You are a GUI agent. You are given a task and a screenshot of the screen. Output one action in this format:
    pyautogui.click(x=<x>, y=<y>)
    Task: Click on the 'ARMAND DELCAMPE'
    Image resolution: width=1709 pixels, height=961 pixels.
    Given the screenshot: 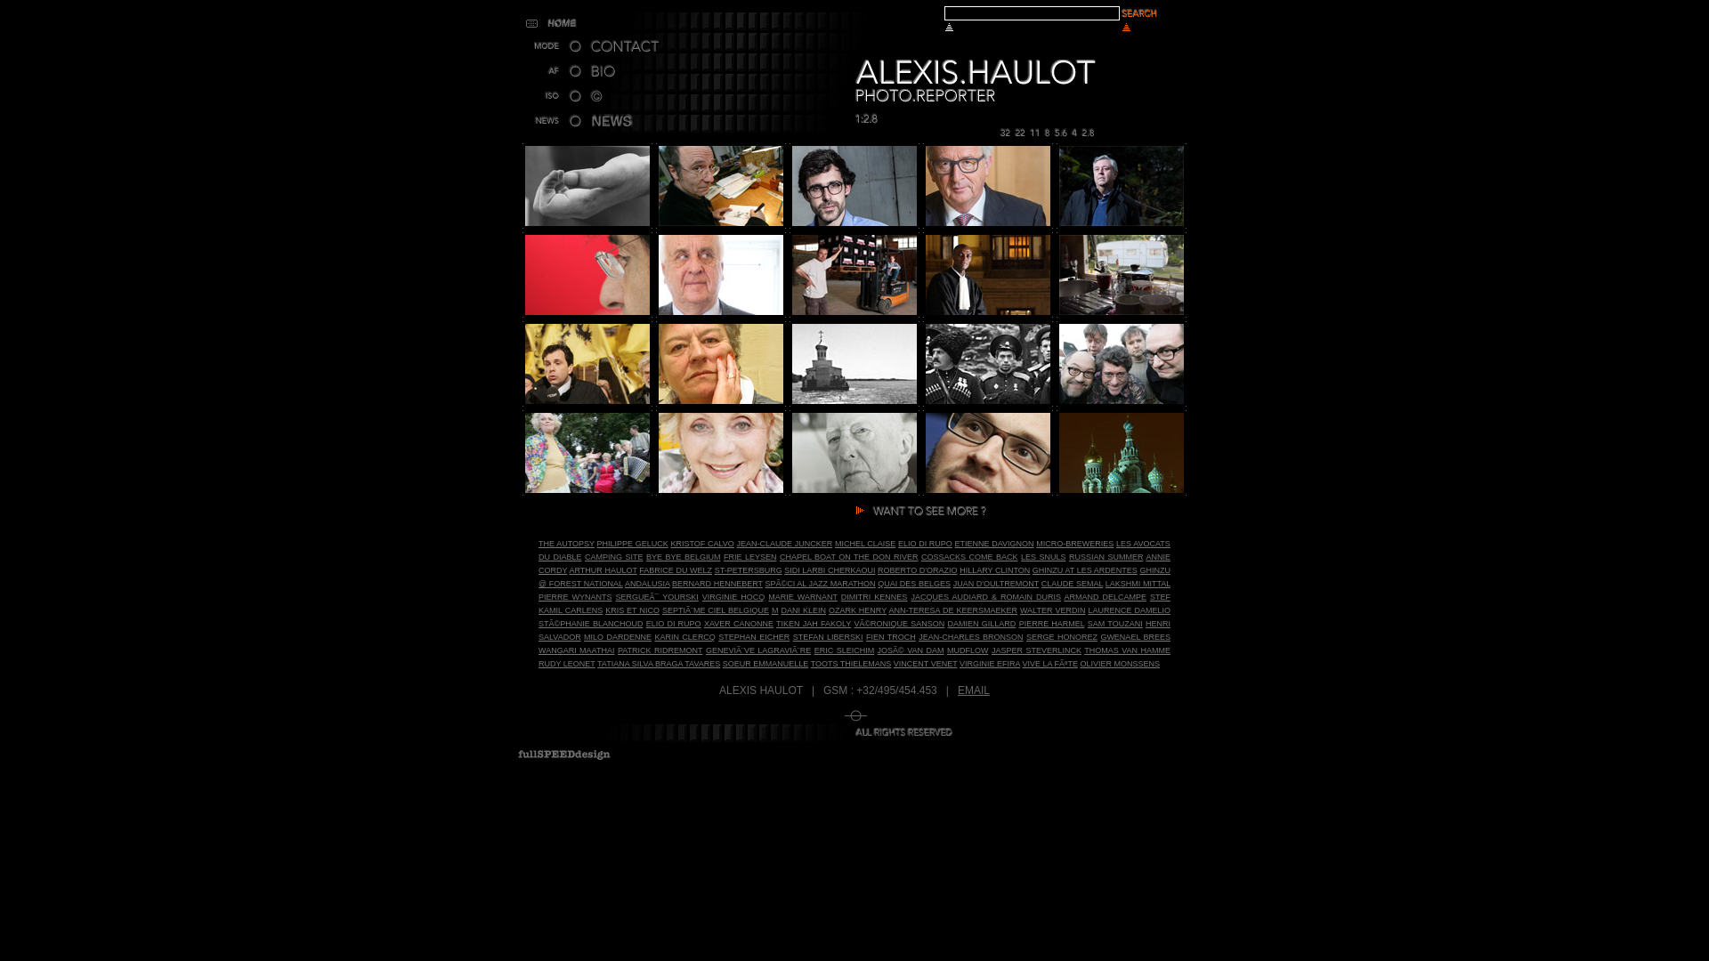 What is the action you would take?
    pyautogui.click(x=1104, y=597)
    